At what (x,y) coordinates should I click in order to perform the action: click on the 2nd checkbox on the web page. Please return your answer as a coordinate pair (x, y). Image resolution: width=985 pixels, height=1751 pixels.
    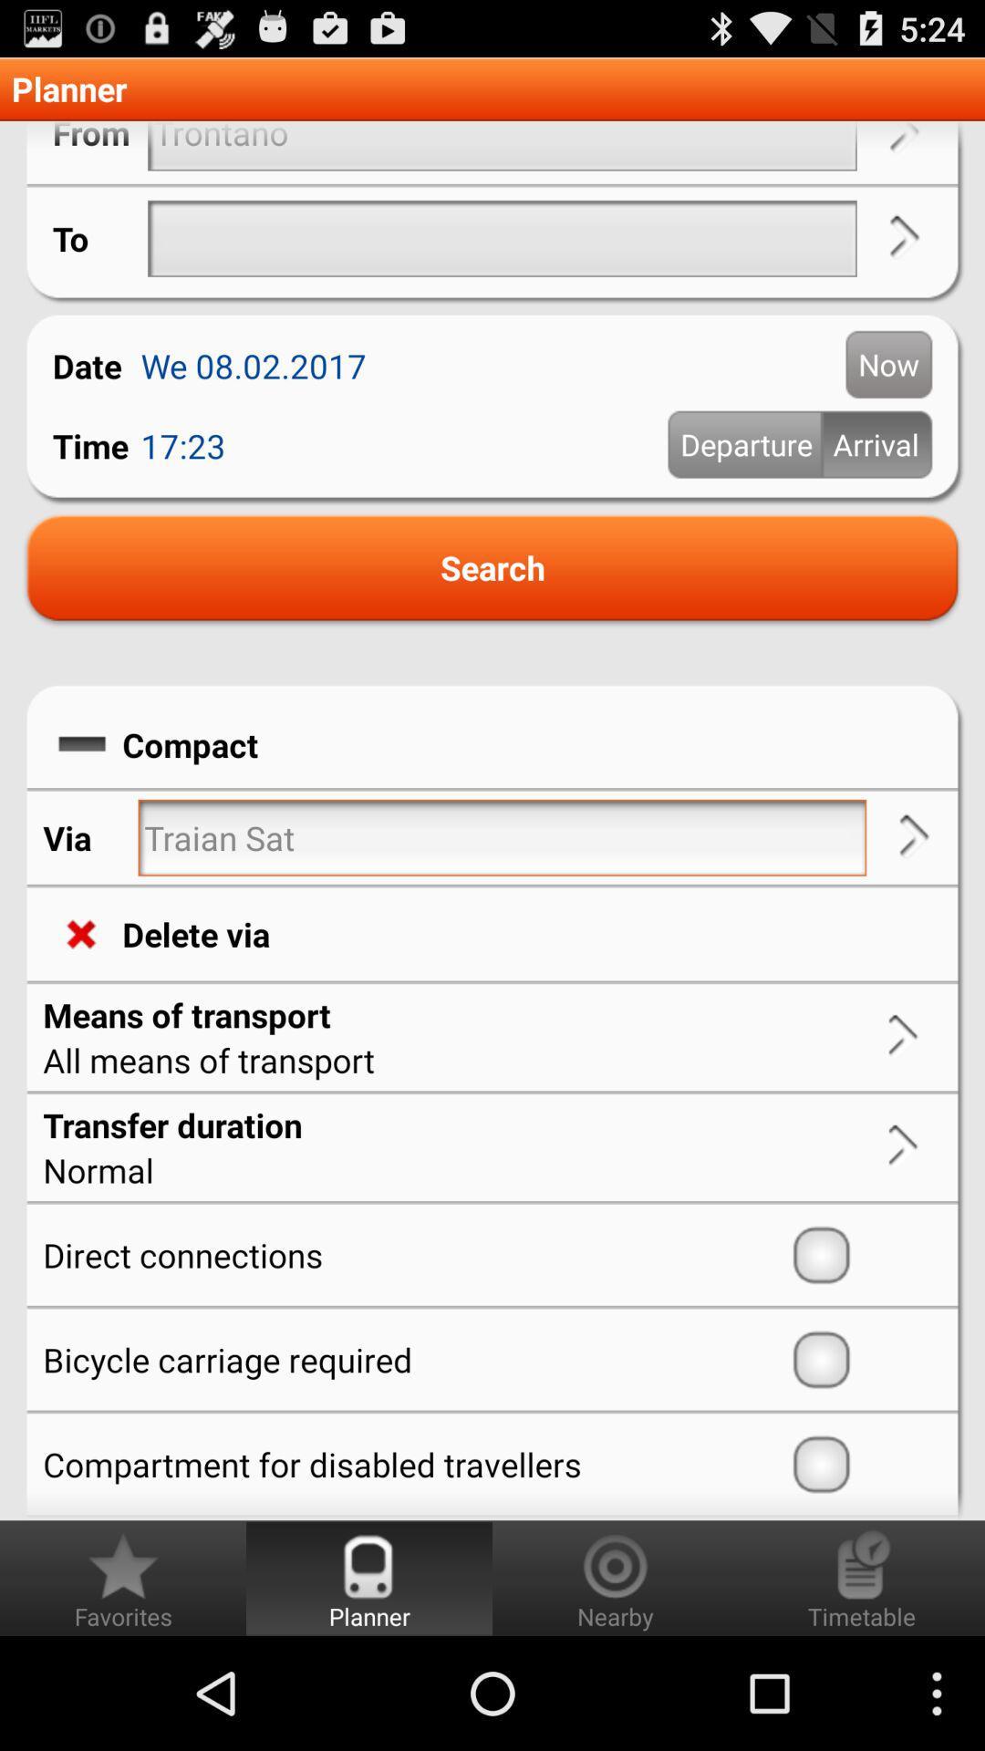
    Looking at the image, I should click on (863, 1360).